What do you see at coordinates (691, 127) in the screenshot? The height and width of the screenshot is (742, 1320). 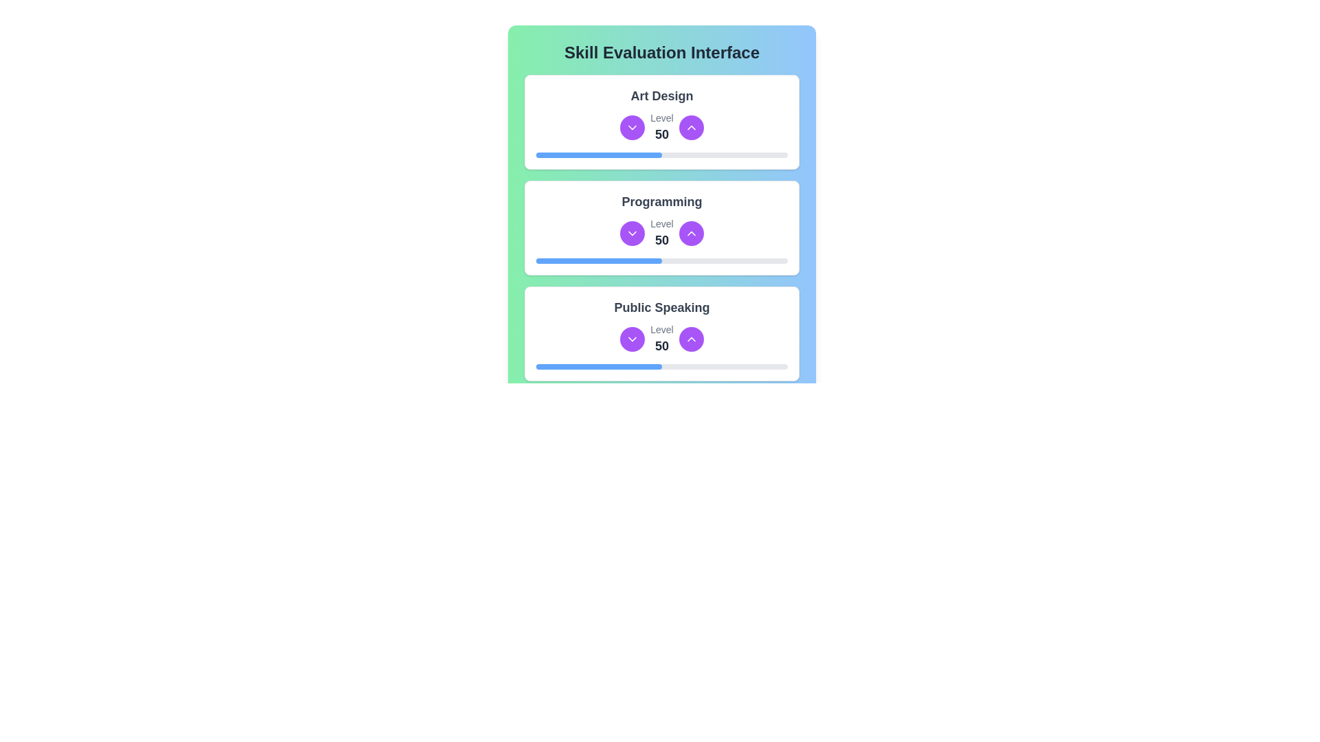 I see `the circular button with a purple background and a white upward arrow icon located in the upper-right corner of the 'Art Design' skill evaluation section to increment the level` at bounding box center [691, 127].